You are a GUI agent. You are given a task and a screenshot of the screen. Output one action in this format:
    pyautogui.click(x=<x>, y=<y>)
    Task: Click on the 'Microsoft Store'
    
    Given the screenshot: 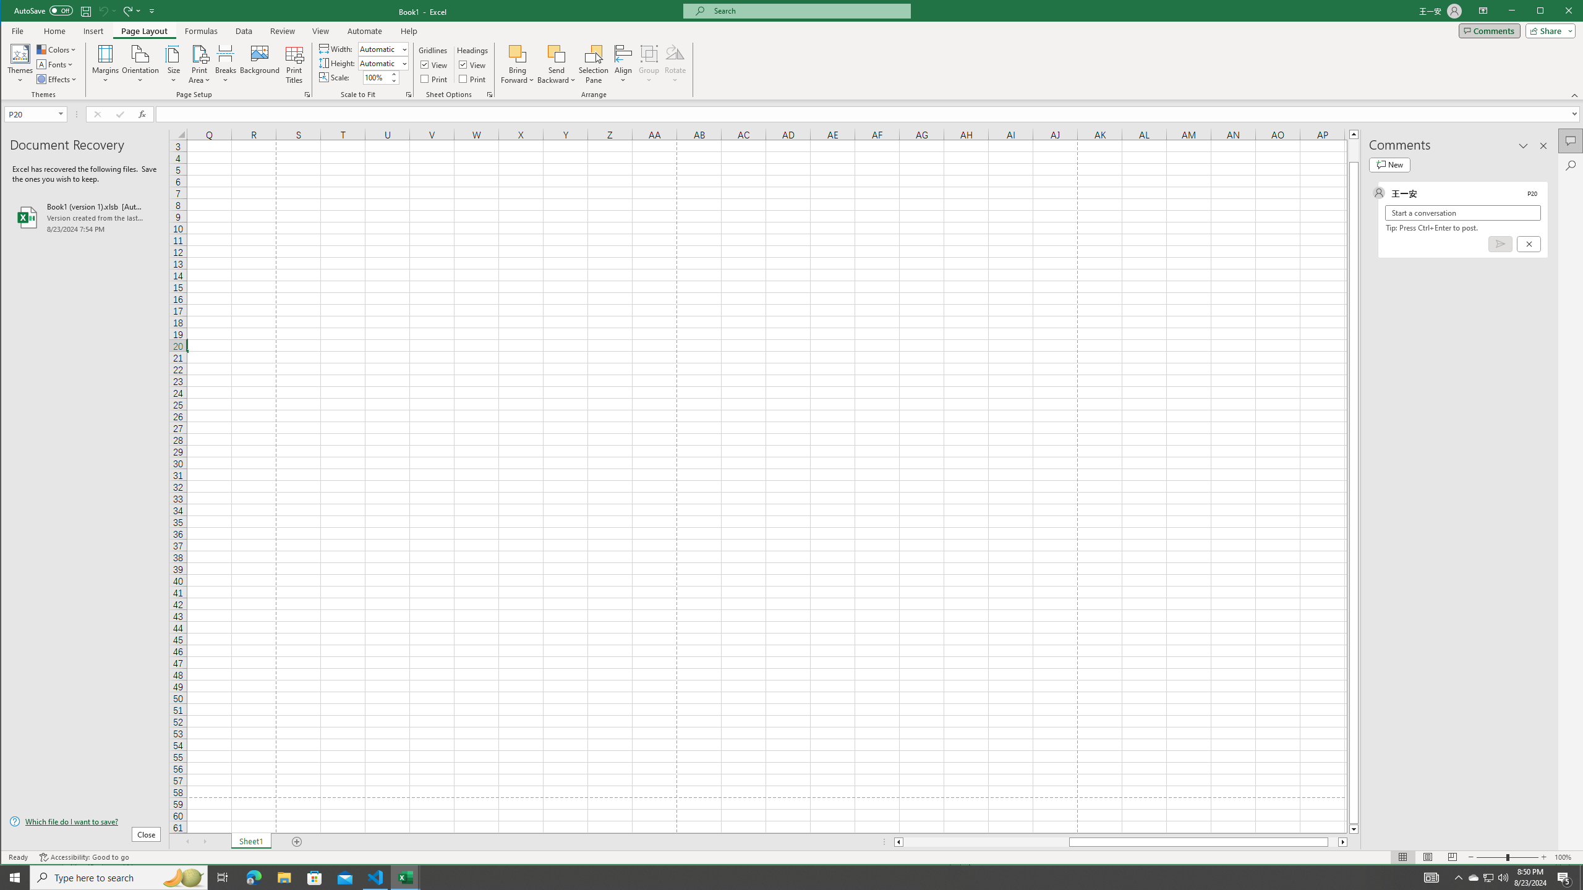 What is the action you would take?
    pyautogui.click(x=315, y=876)
    